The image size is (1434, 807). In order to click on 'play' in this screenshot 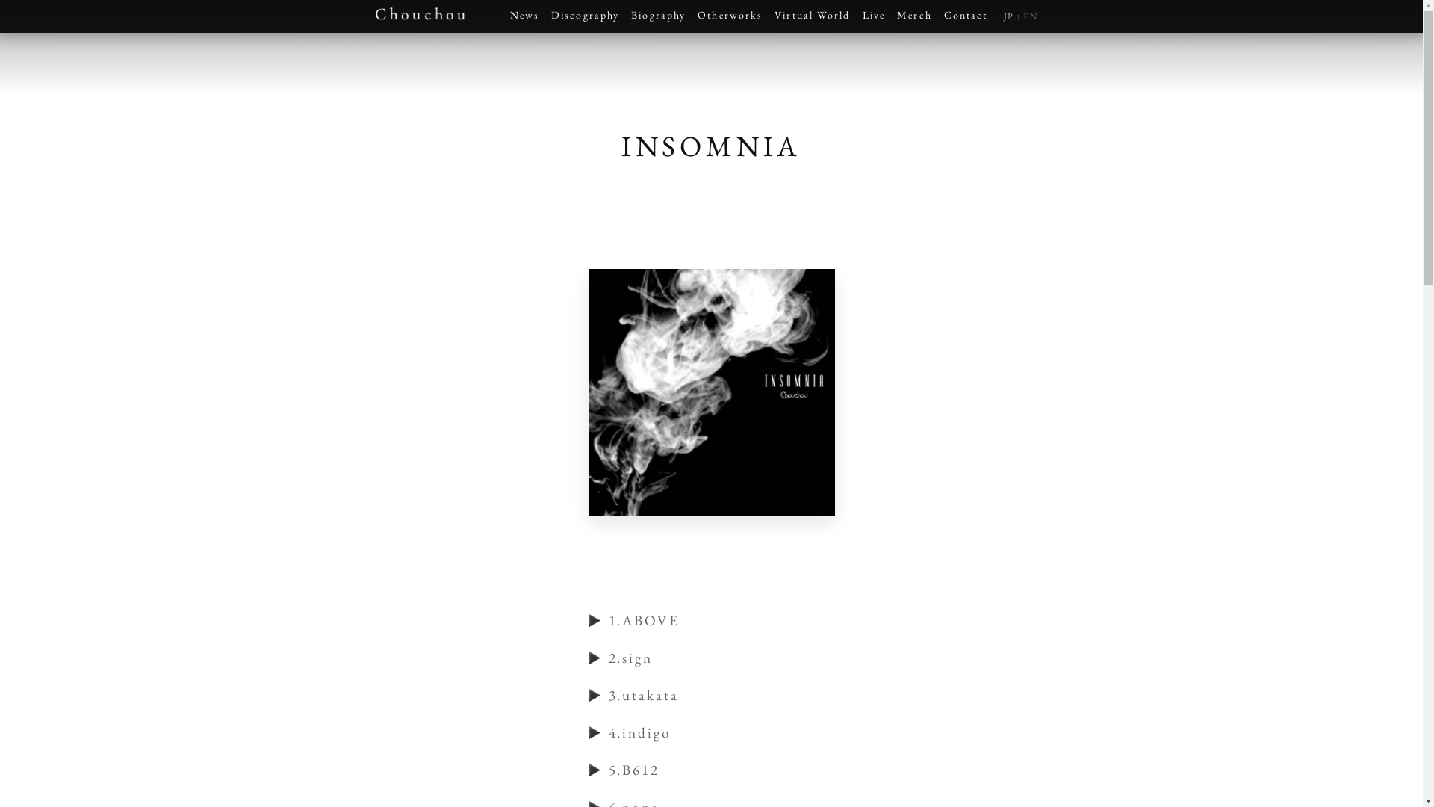, I will do `click(595, 770)`.